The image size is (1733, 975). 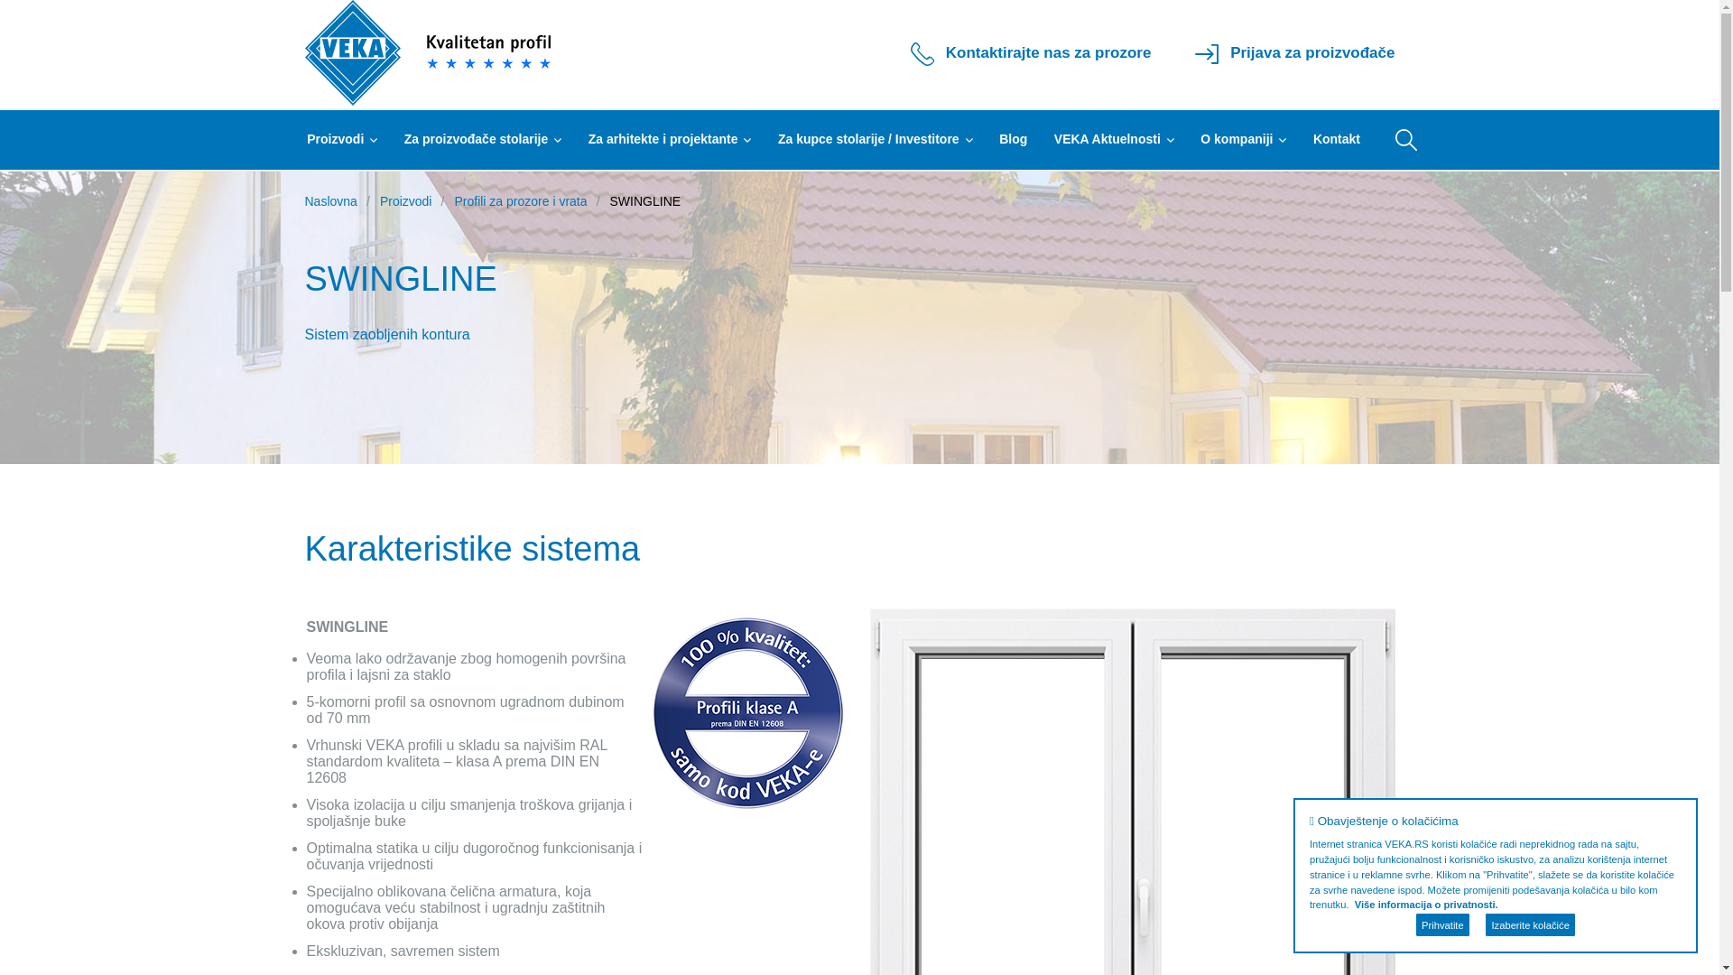 What do you see at coordinates (669, 139) in the screenshot?
I see `'Za arhitekte i projektante'` at bounding box center [669, 139].